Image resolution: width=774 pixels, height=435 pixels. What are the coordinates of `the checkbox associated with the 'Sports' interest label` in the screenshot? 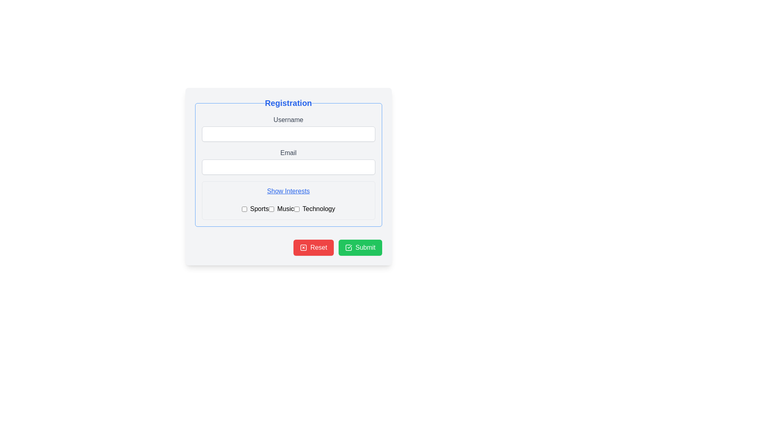 It's located at (255, 209).